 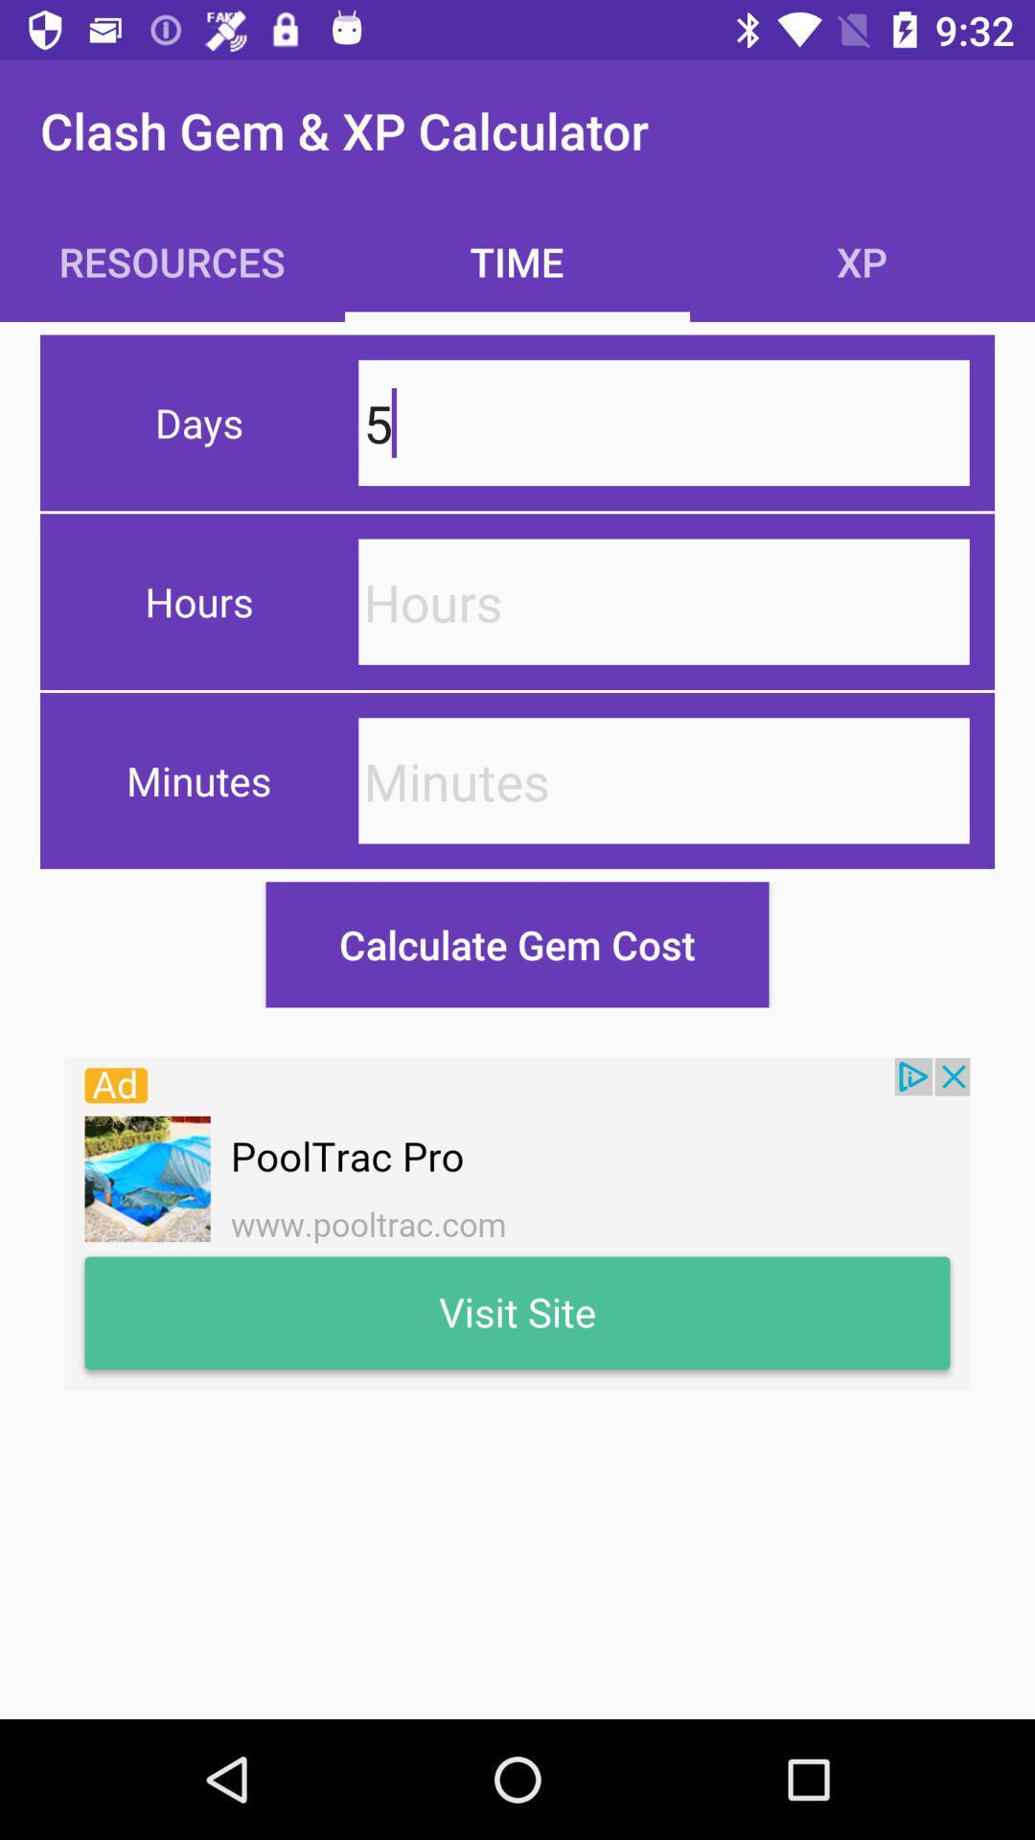 What do you see at coordinates (517, 1223) in the screenshot?
I see `click advertisement` at bounding box center [517, 1223].